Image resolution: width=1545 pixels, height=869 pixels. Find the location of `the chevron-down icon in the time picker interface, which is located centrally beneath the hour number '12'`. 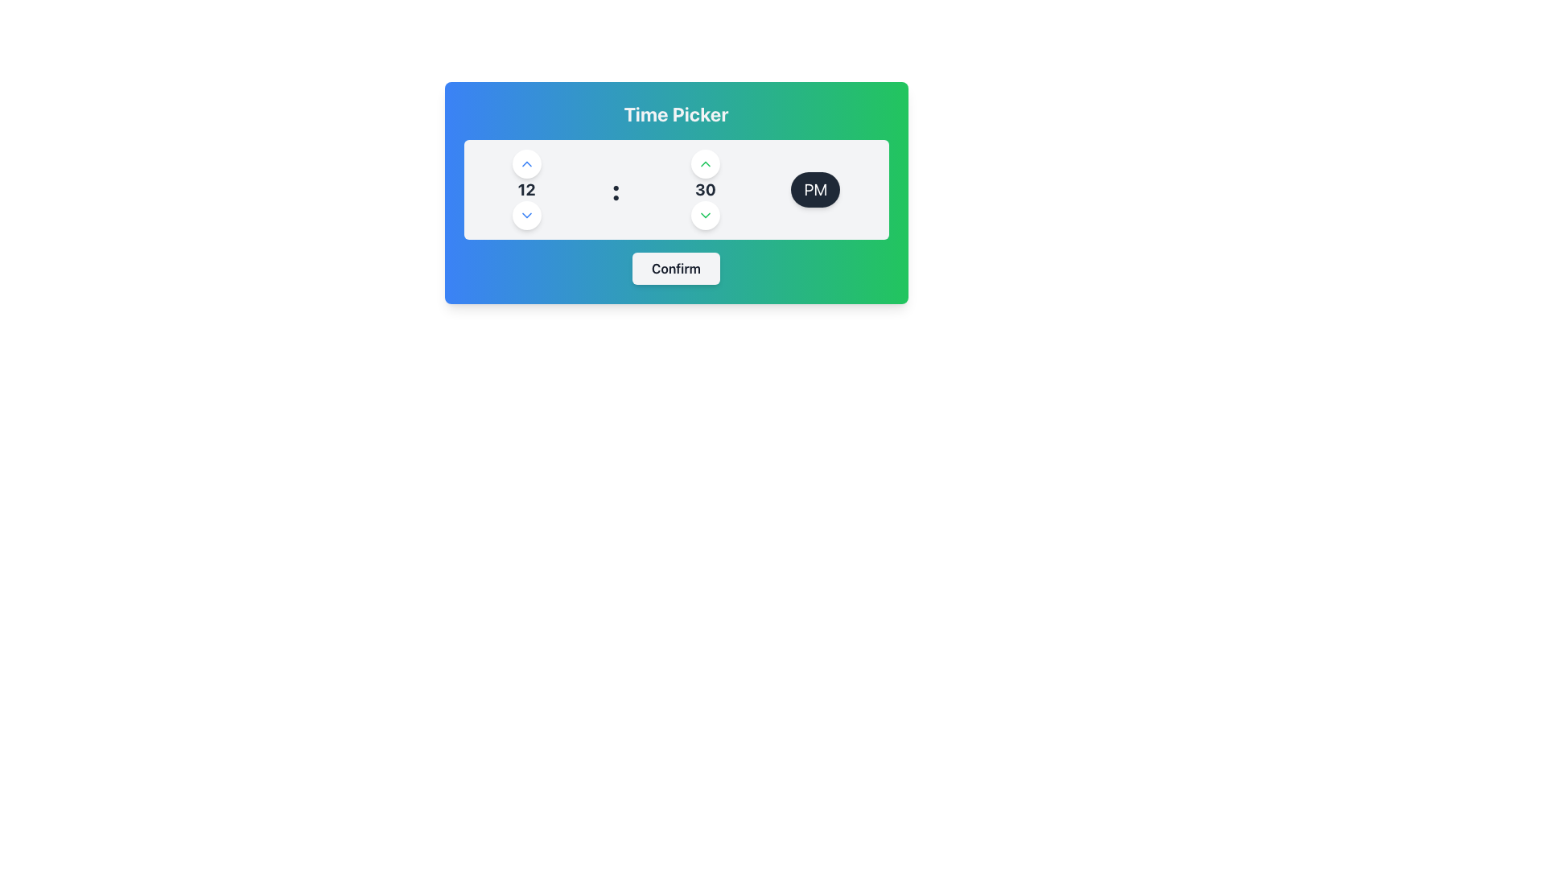

the chevron-down icon in the time picker interface, which is located centrally beneath the hour number '12' is located at coordinates (706, 214).